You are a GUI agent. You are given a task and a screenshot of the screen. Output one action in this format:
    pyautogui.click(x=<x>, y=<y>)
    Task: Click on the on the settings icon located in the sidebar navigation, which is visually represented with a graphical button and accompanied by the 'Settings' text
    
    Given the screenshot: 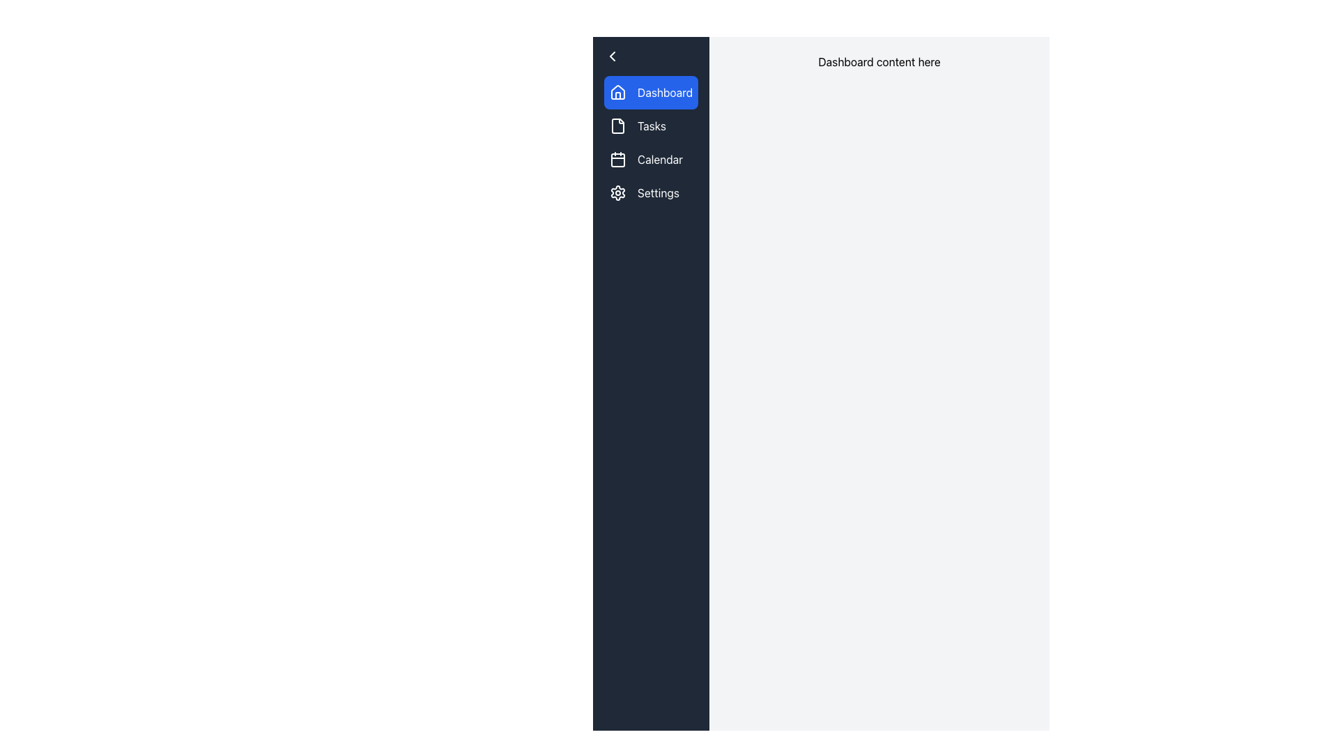 What is the action you would take?
    pyautogui.click(x=617, y=193)
    